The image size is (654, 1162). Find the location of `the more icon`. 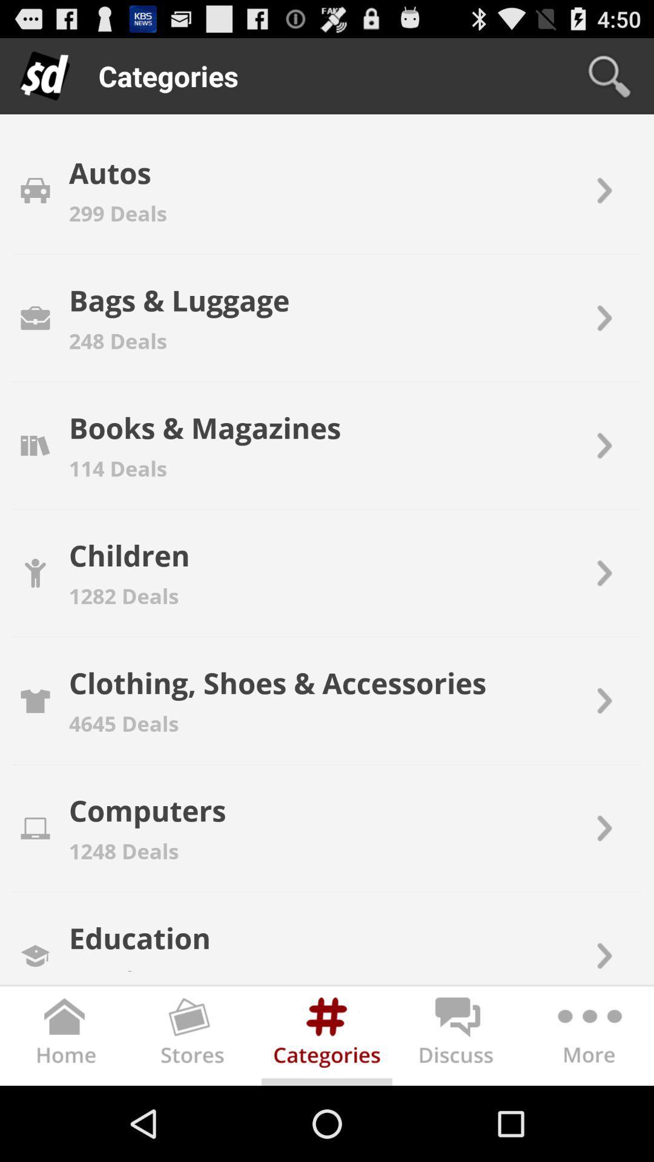

the more icon is located at coordinates (587, 1111).